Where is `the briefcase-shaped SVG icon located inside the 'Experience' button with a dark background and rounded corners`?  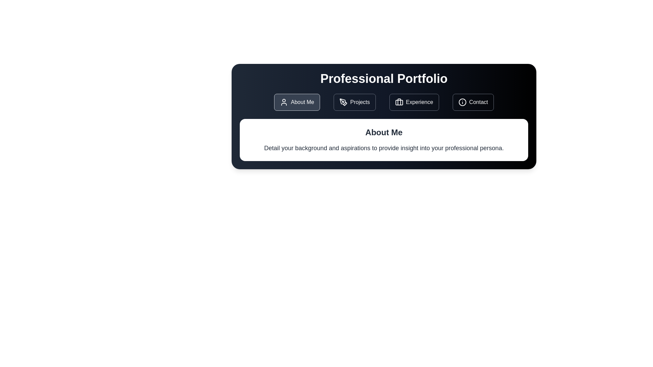
the briefcase-shaped SVG icon located inside the 'Experience' button with a dark background and rounded corners is located at coordinates (399, 102).